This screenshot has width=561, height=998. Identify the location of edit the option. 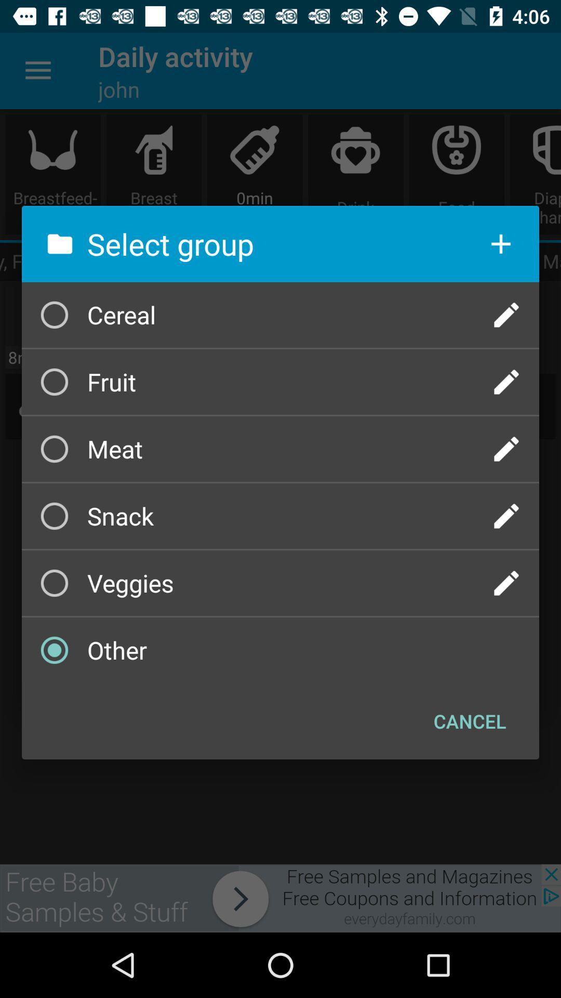
(506, 314).